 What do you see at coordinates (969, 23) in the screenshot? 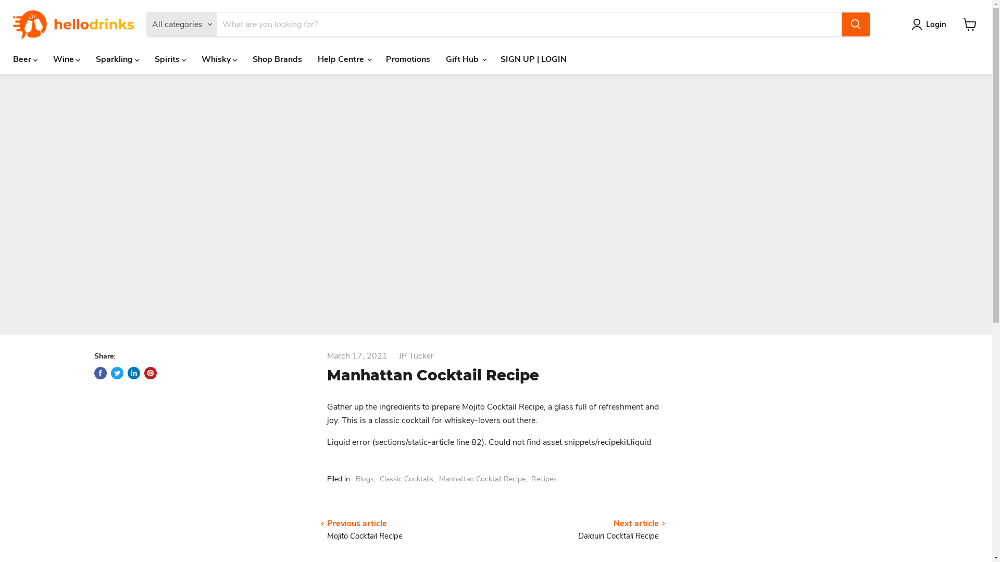
I see `'View cart'` at bounding box center [969, 23].